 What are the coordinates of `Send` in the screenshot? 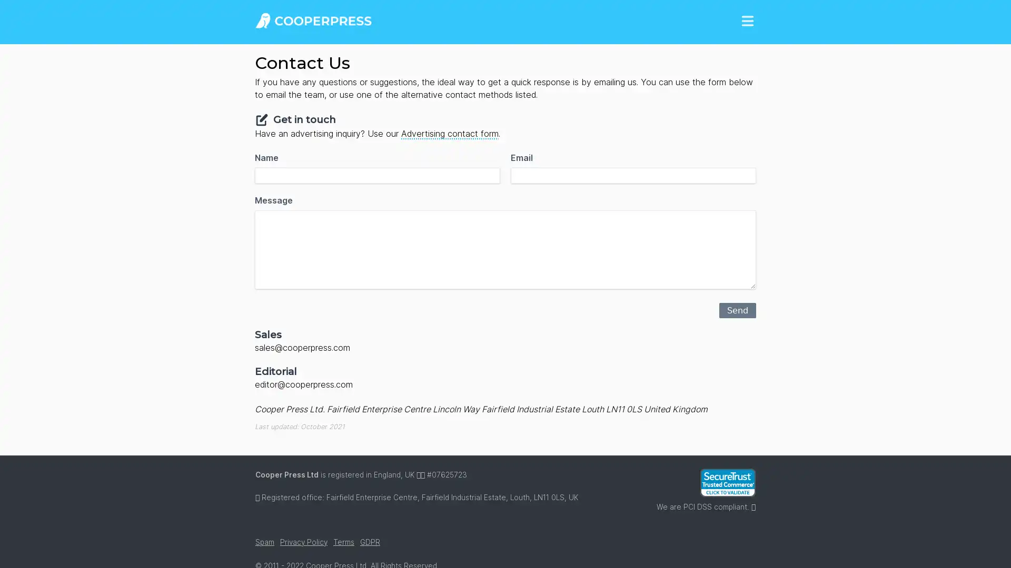 It's located at (737, 309).